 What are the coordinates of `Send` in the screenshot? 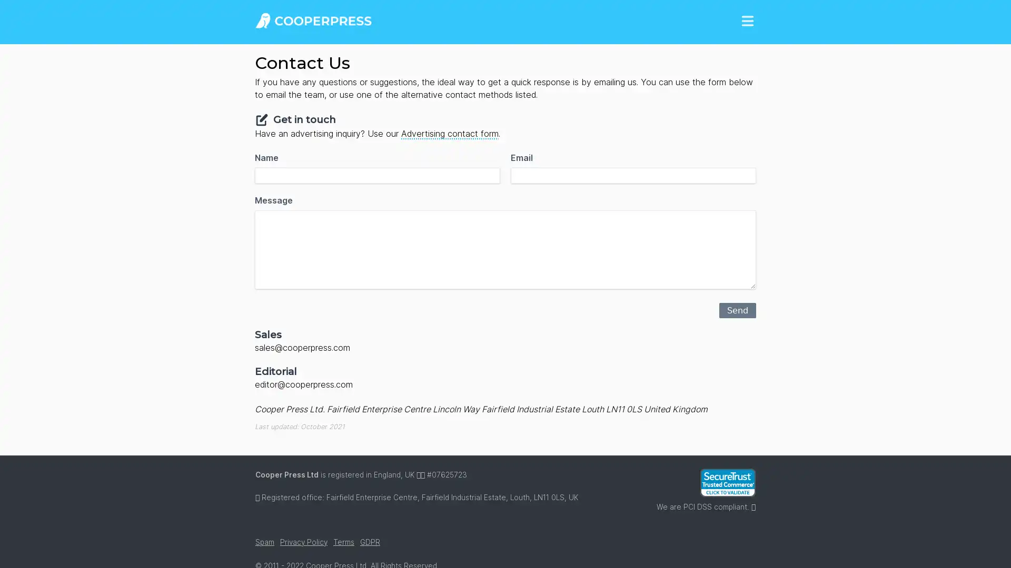 It's located at (737, 309).